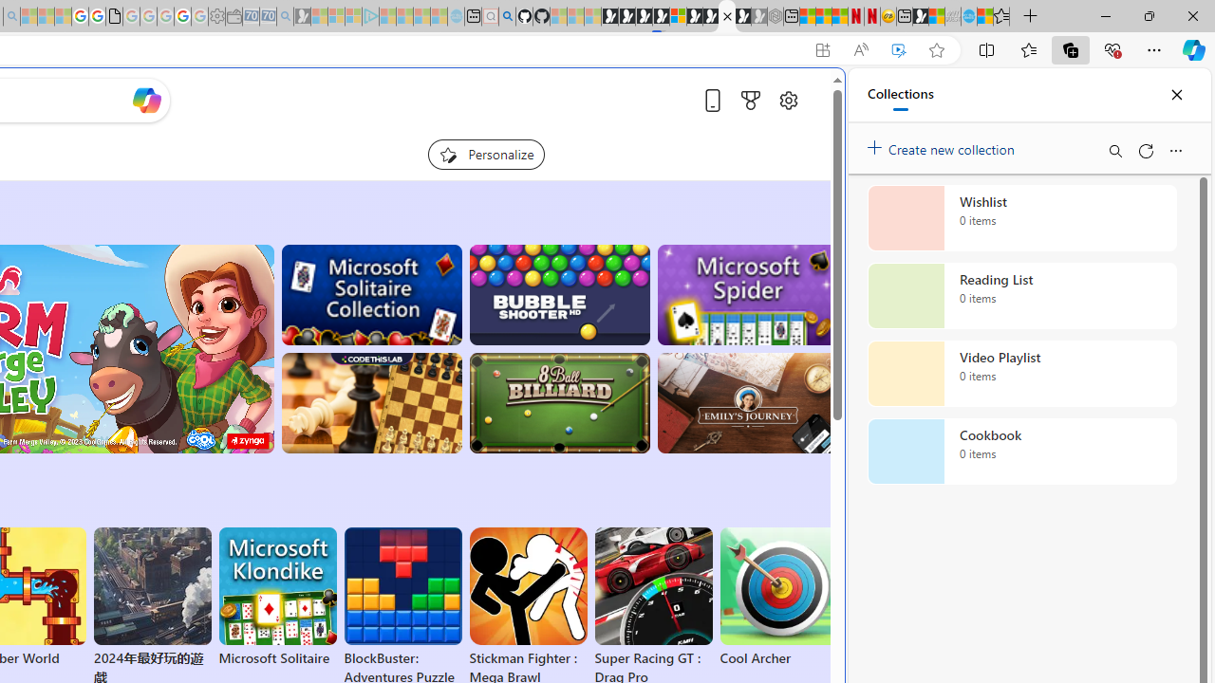  Describe the element at coordinates (1021, 451) in the screenshot. I see `'Cookbook collection, 0 items'` at that location.